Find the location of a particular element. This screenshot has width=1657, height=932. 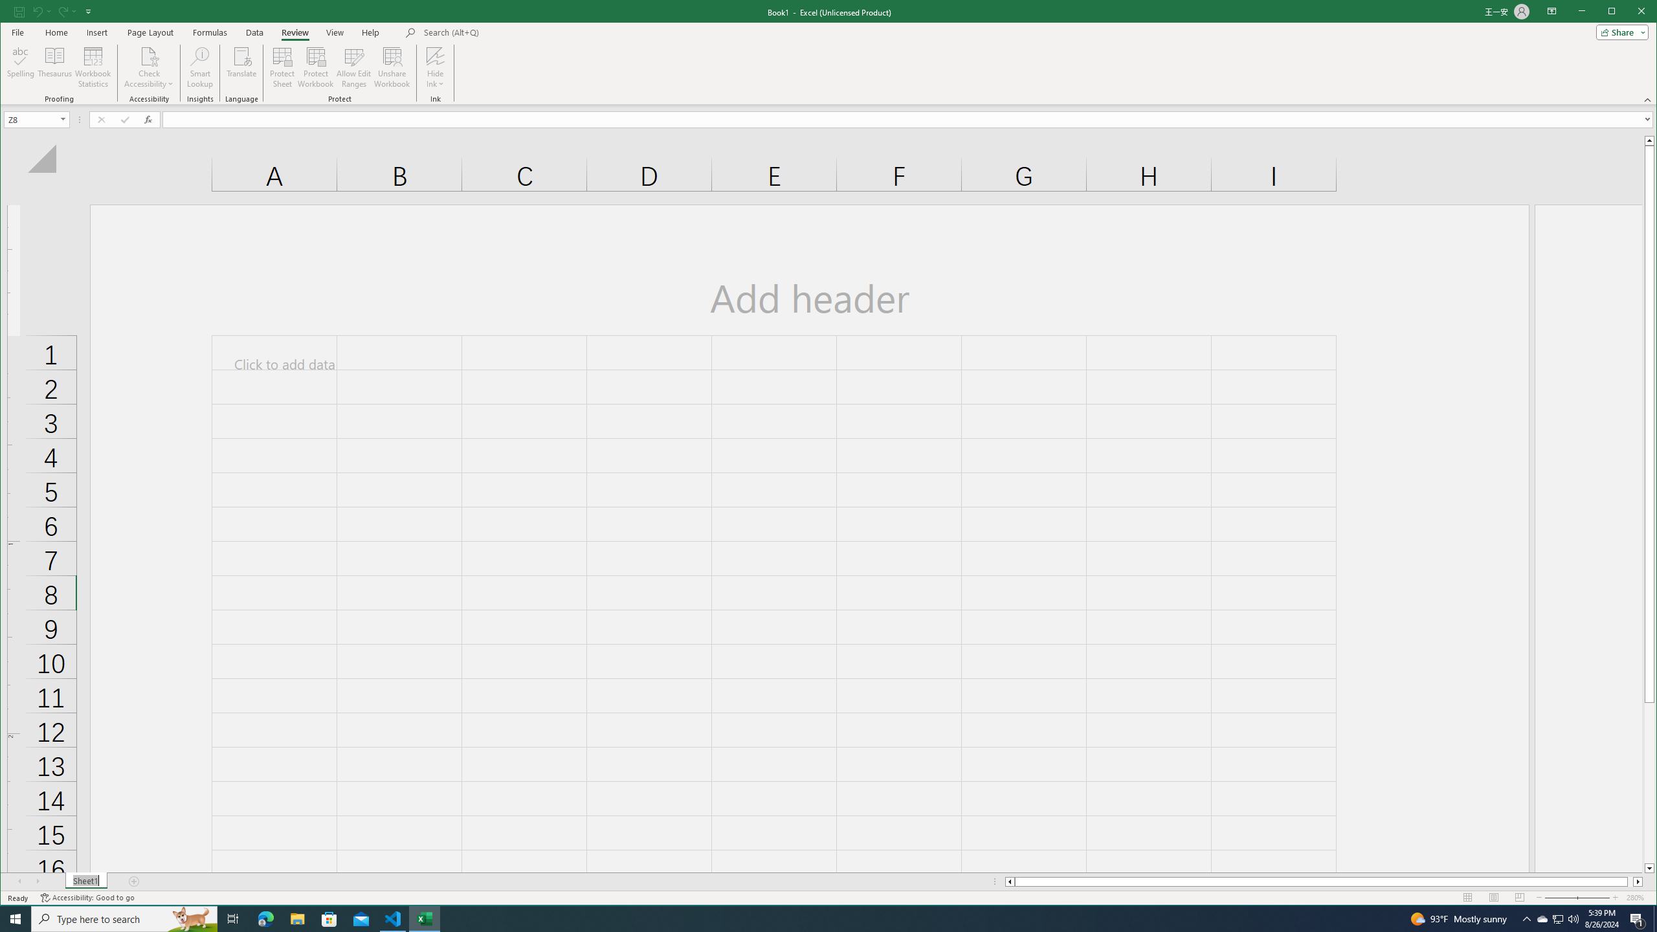

'Home' is located at coordinates (56, 32).